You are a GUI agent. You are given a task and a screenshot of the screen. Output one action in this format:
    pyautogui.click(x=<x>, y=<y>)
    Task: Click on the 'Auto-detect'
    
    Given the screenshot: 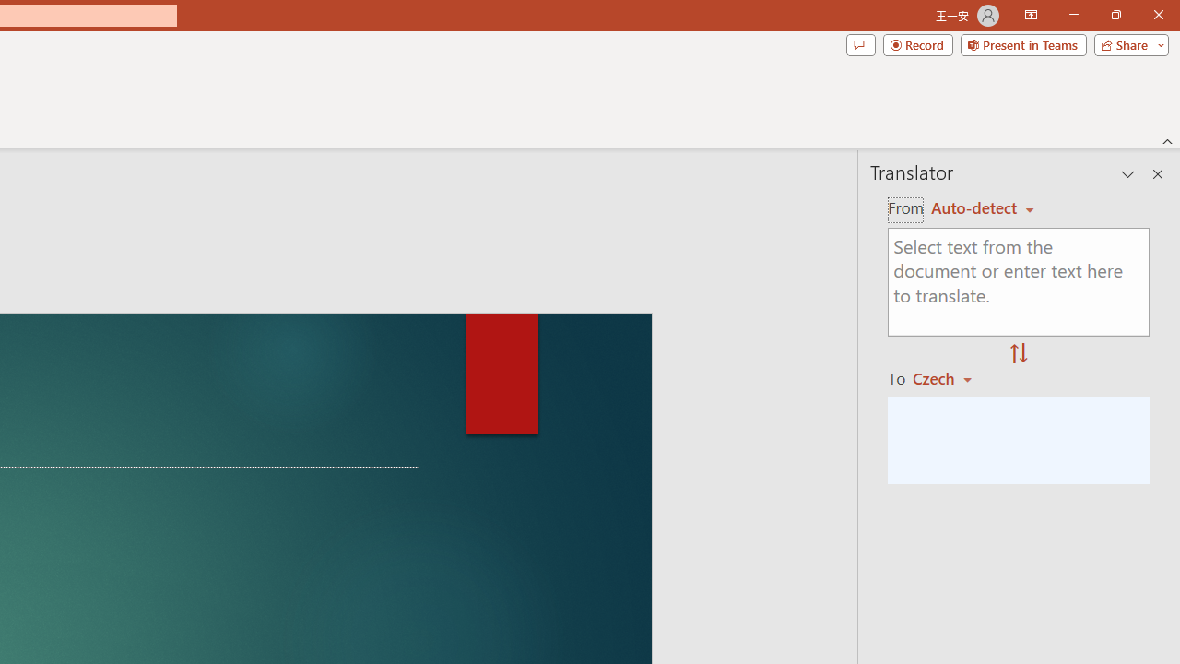 What is the action you would take?
    pyautogui.click(x=982, y=207)
    